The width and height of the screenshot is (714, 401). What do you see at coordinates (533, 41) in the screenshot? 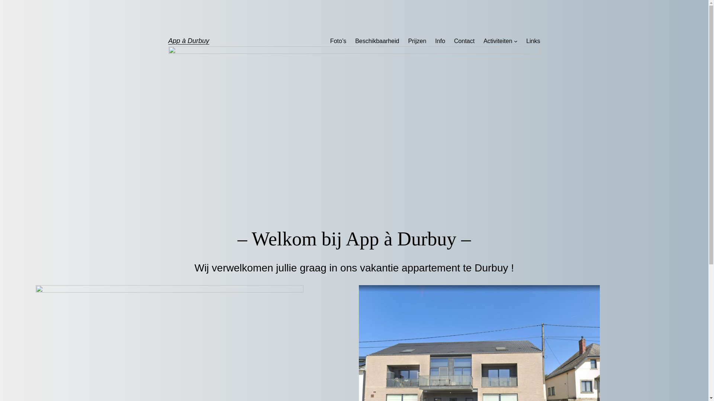
I see `'Links'` at bounding box center [533, 41].